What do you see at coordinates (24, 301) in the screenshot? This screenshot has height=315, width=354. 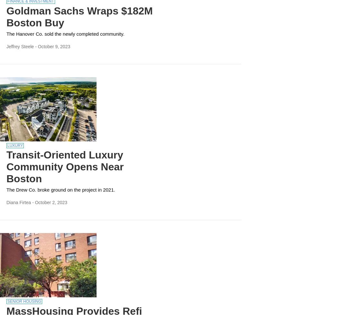 I see `'Senior Housing'` at bounding box center [24, 301].